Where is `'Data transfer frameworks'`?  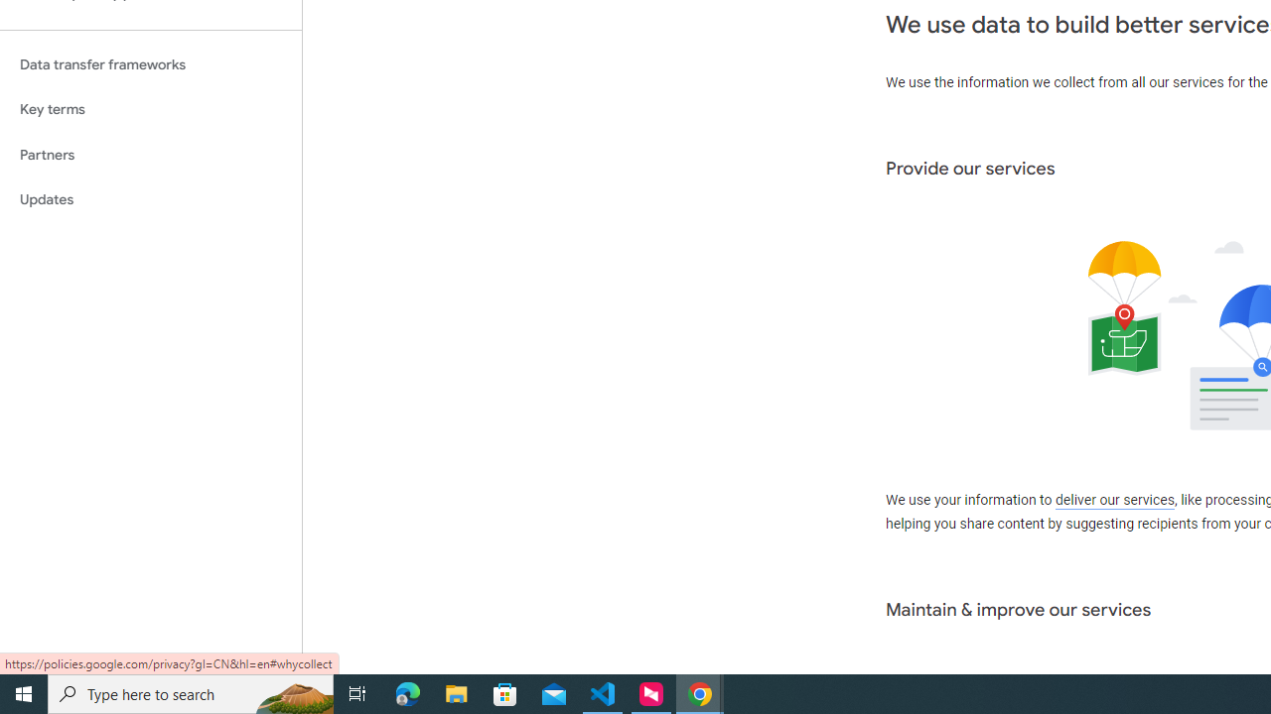
'Data transfer frameworks' is located at coordinates (150, 63).